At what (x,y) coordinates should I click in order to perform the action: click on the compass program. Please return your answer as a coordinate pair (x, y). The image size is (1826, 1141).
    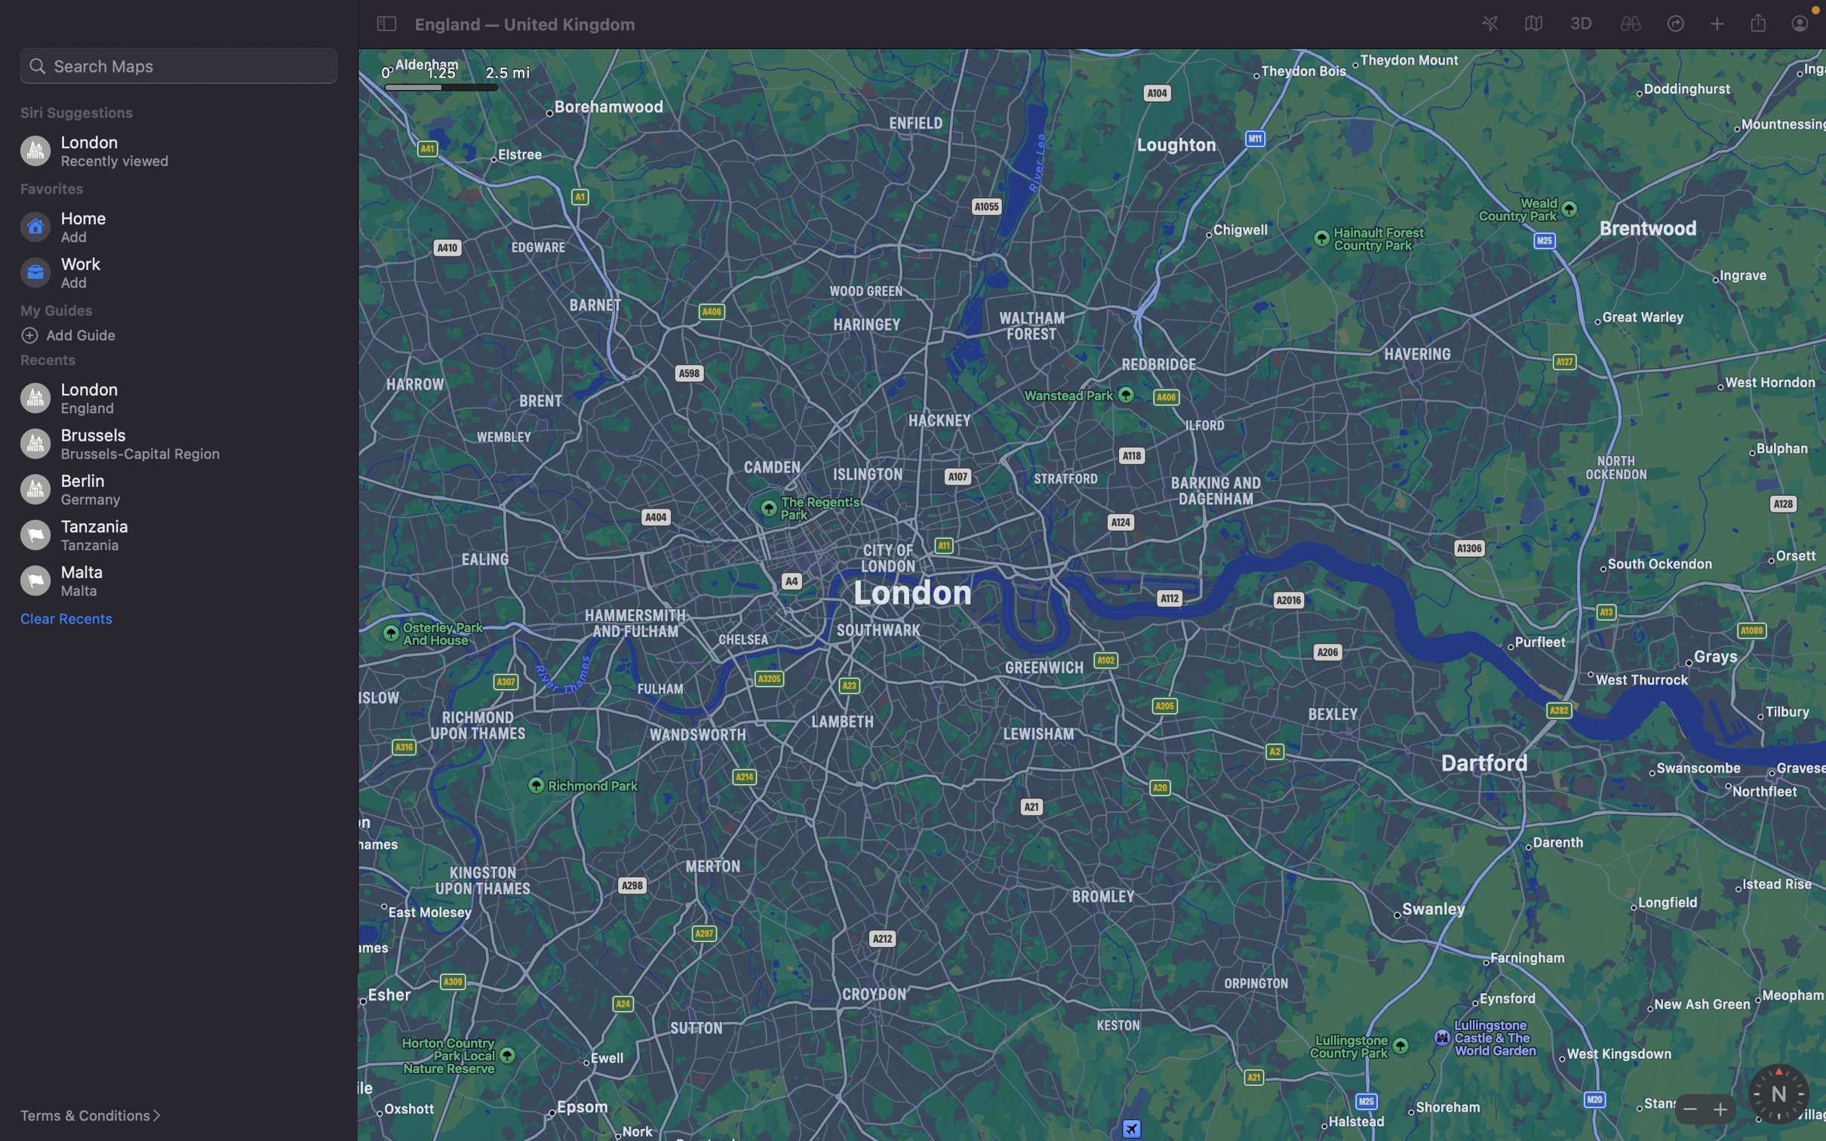
    Looking at the image, I should click on (1778, 1093).